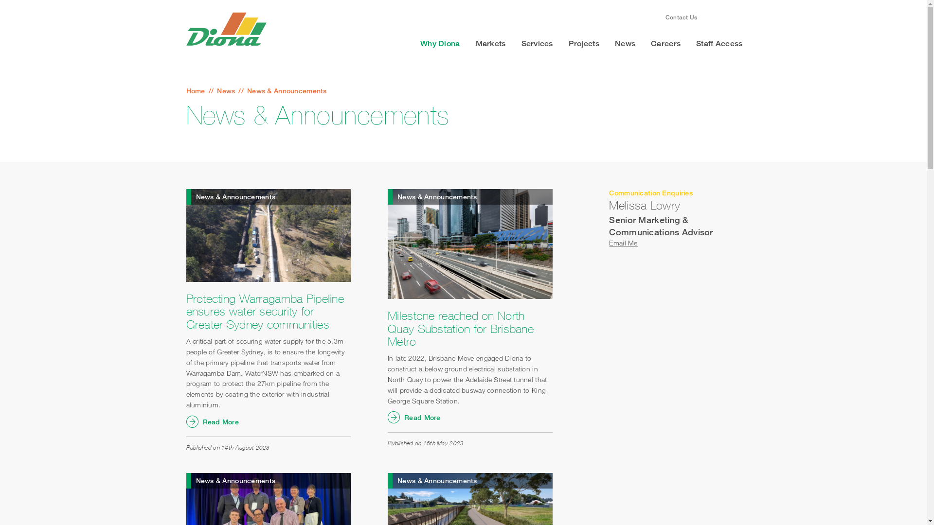 The image size is (934, 525). What do you see at coordinates (681, 17) in the screenshot?
I see `'Contact Us'` at bounding box center [681, 17].